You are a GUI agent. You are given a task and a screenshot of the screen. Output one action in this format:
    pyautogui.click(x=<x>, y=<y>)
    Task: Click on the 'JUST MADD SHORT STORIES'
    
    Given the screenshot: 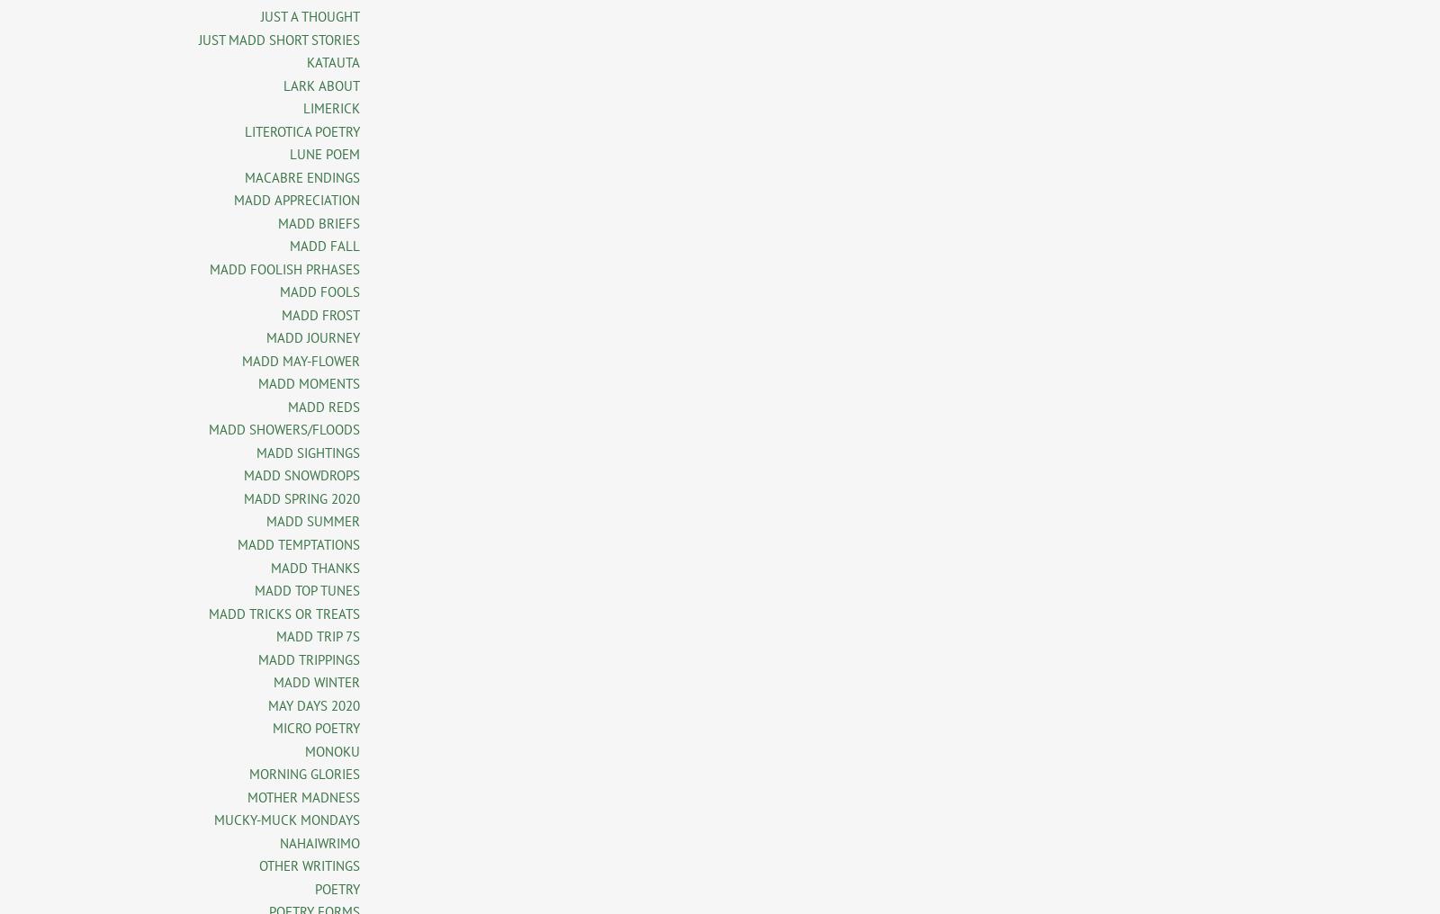 What is the action you would take?
    pyautogui.click(x=279, y=38)
    